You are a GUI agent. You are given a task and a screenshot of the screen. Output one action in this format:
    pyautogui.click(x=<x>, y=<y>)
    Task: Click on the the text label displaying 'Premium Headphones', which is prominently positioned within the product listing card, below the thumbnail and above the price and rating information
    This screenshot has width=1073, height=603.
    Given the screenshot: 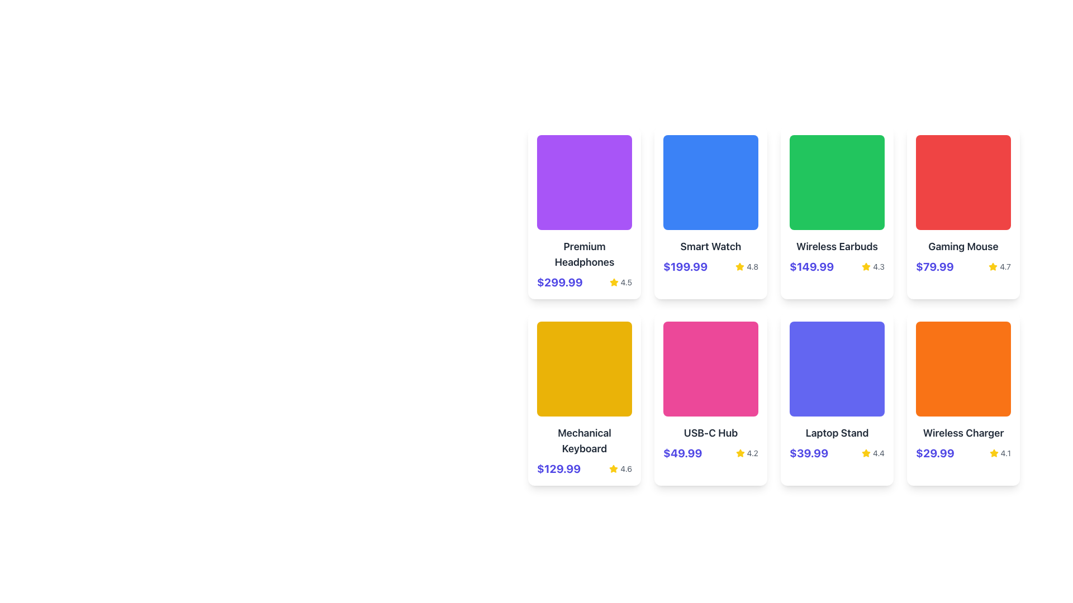 What is the action you would take?
    pyautogui.click(x=584, y=254)
    